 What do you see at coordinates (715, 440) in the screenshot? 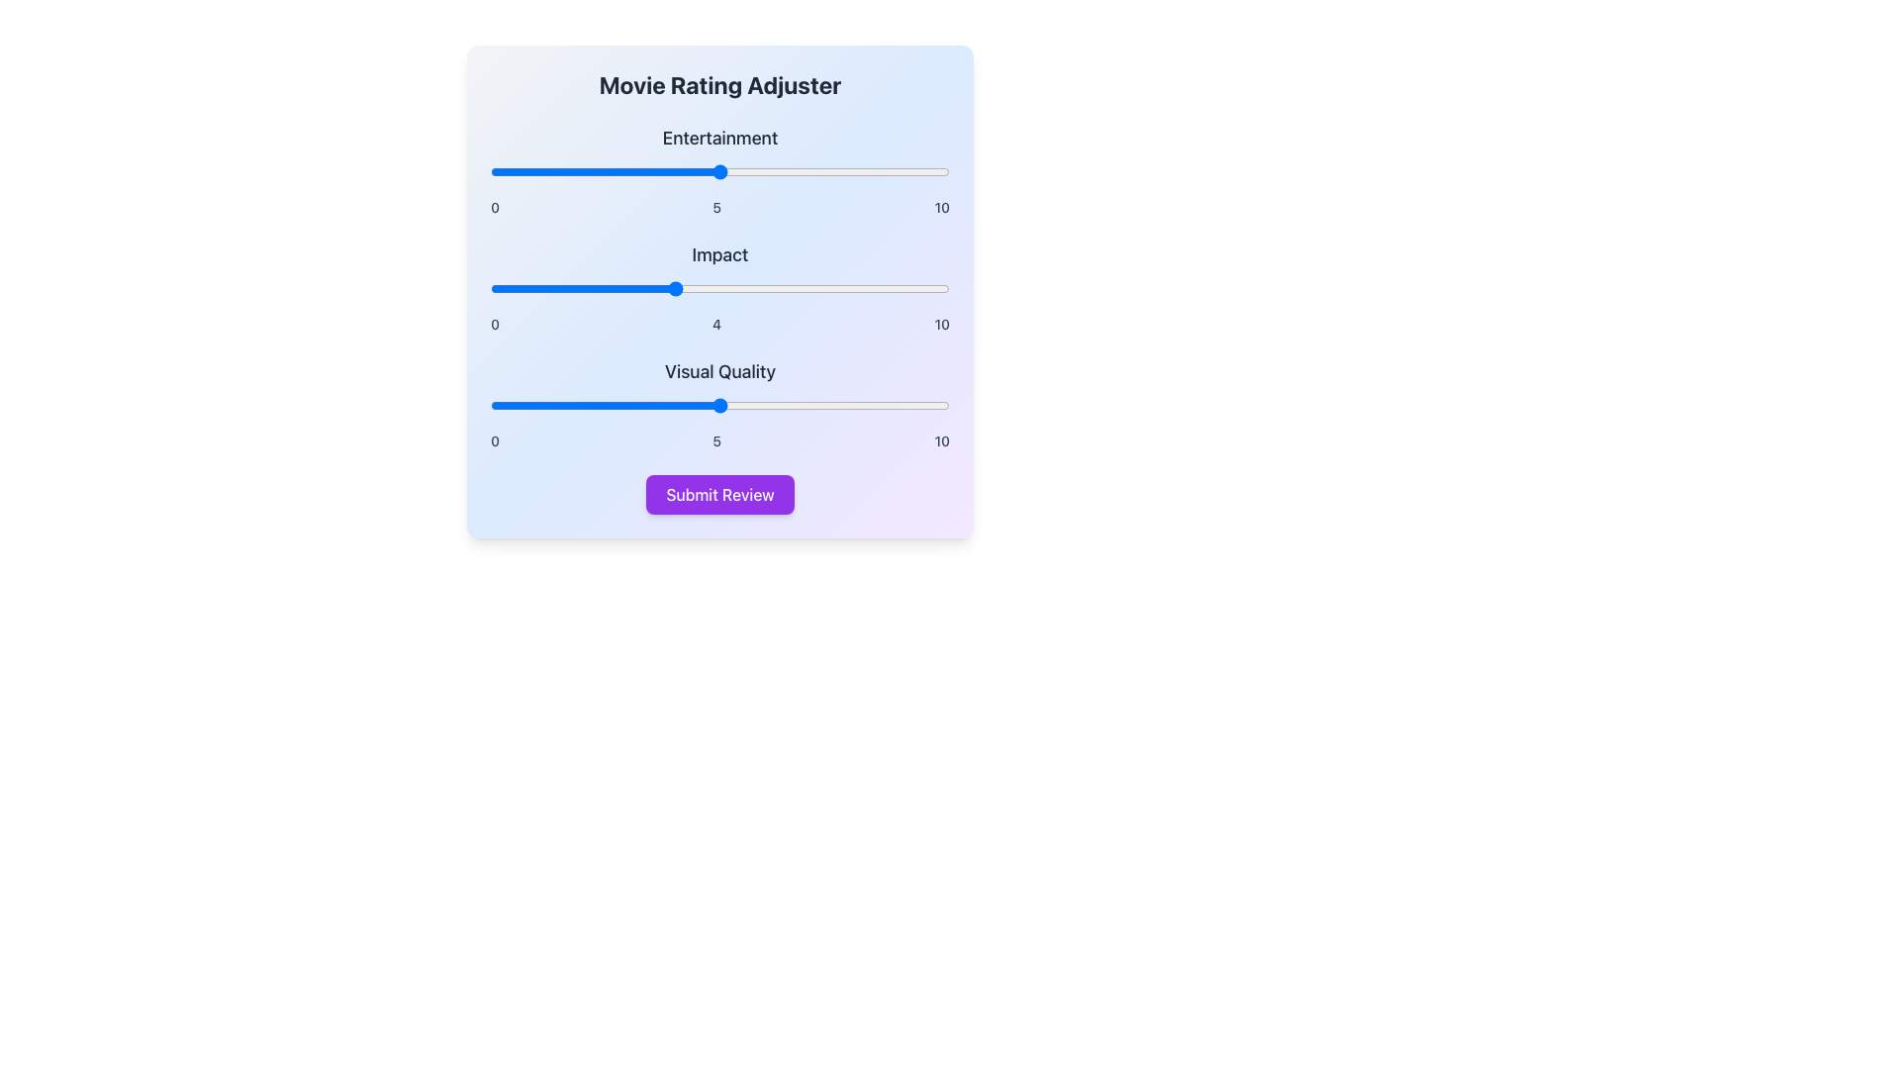
I see `the static text label indicating the midpoint value of the slider control for the 'Visual Quality' section, which is centrally positioned between the numbers '0' and '10'` at bounding box center [715, 440].